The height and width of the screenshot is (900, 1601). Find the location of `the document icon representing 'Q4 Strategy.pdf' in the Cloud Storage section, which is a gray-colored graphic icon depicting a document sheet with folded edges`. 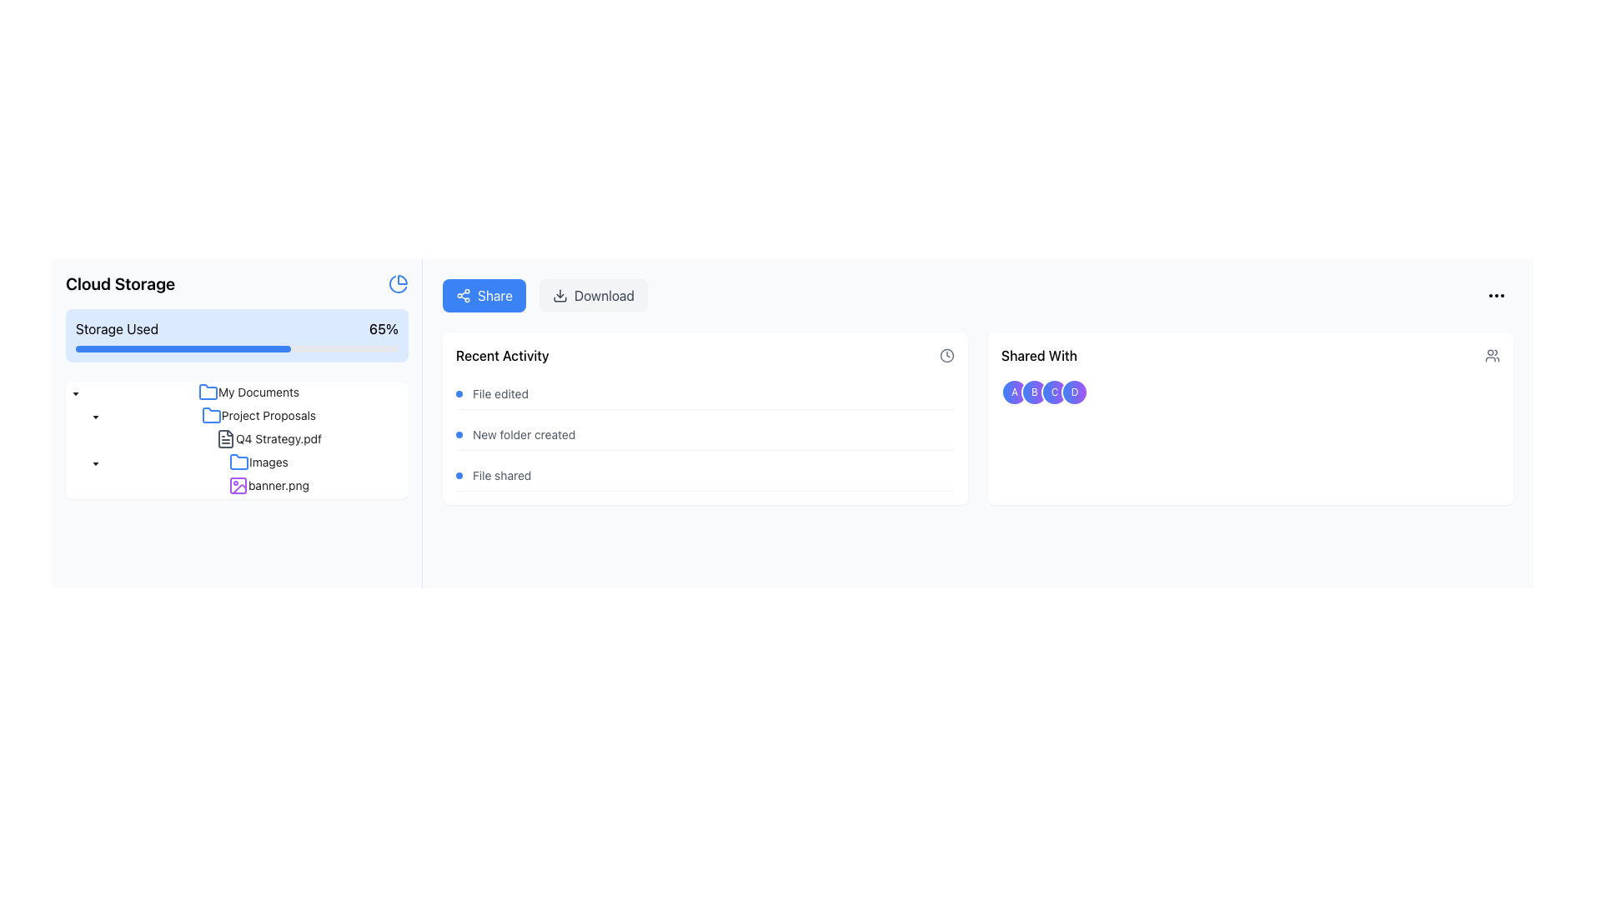

the document icon representing 'Q4 Strategy.pdf' in the Cloud Storage section, which is a gray-colored graphic icon depicting a document sheet with folded edges is located at coordinates (224, 438).